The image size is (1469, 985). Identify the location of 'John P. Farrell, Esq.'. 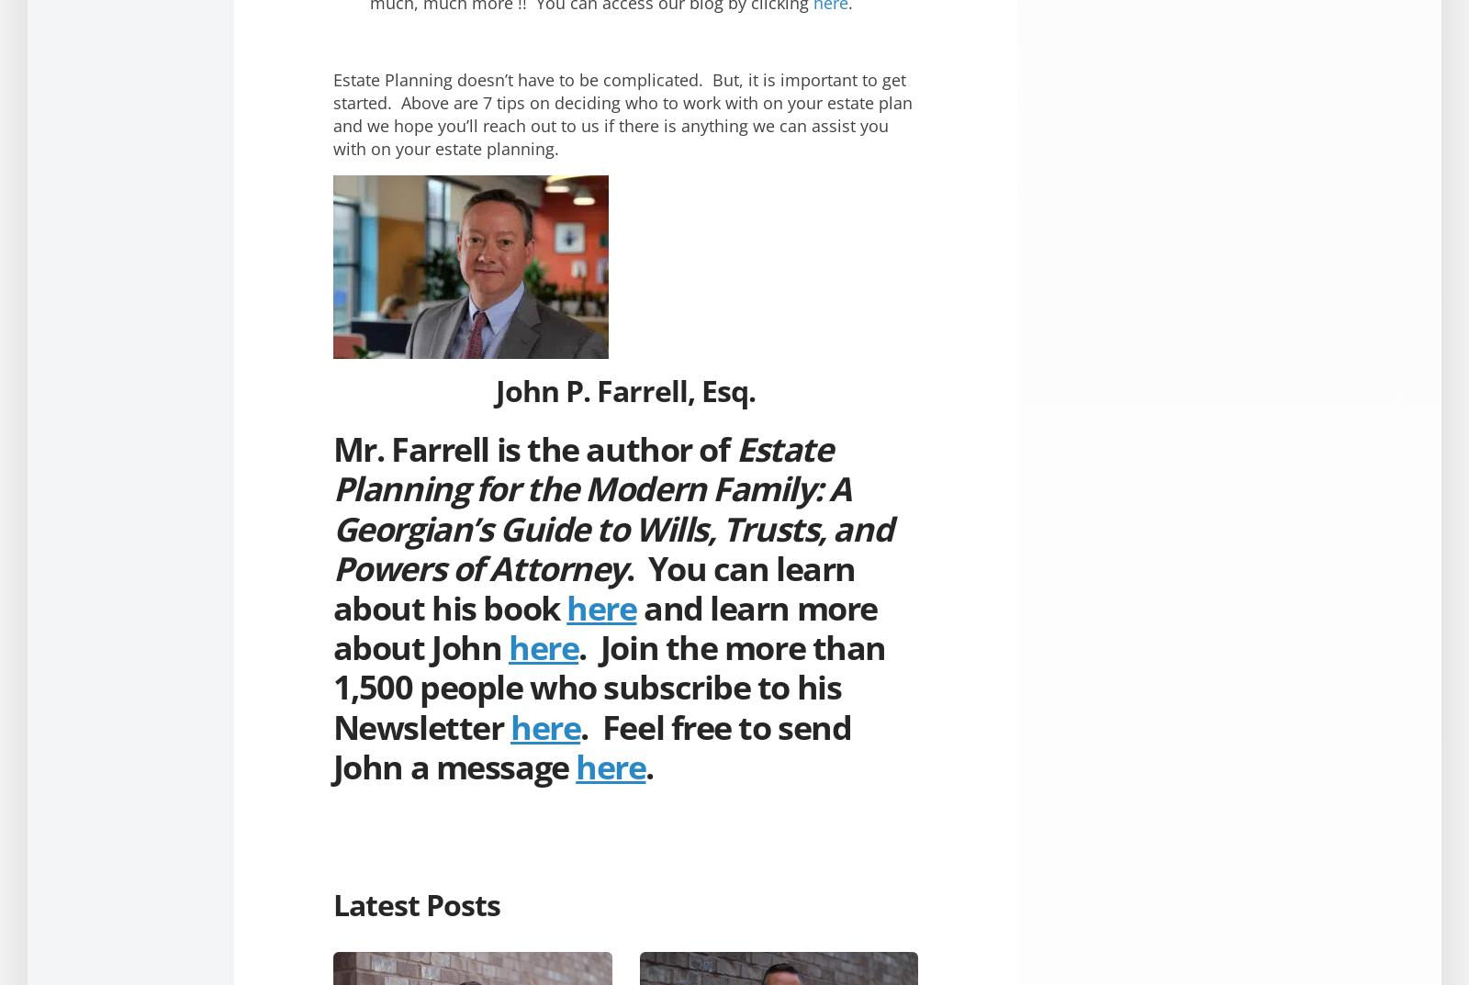
(624, 390).